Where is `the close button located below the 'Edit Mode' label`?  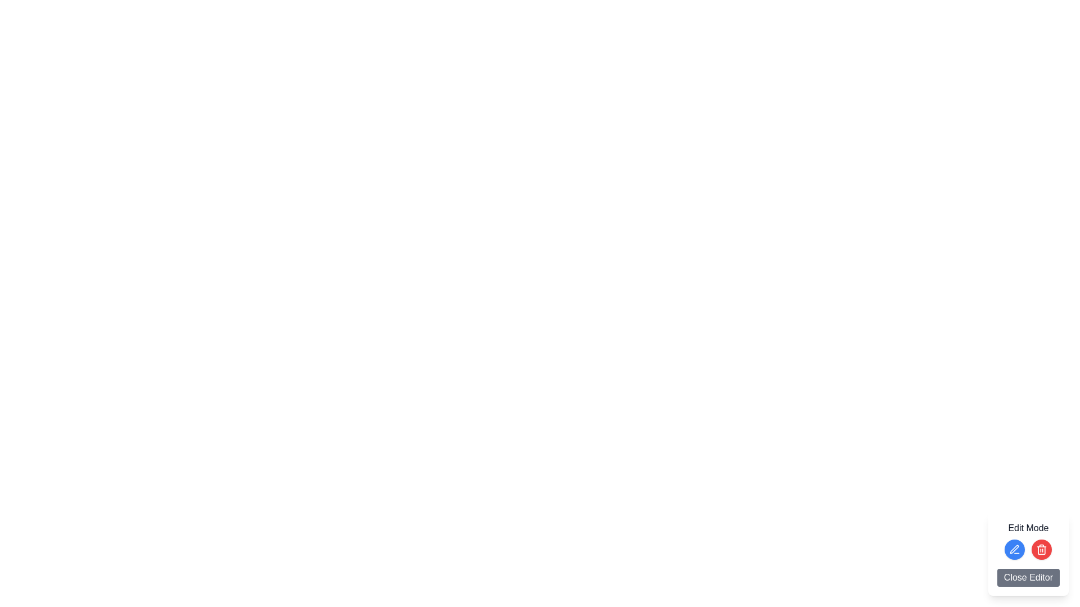 the close button located below the 'Edit Mode' label is located at coordinates (1028, 578).